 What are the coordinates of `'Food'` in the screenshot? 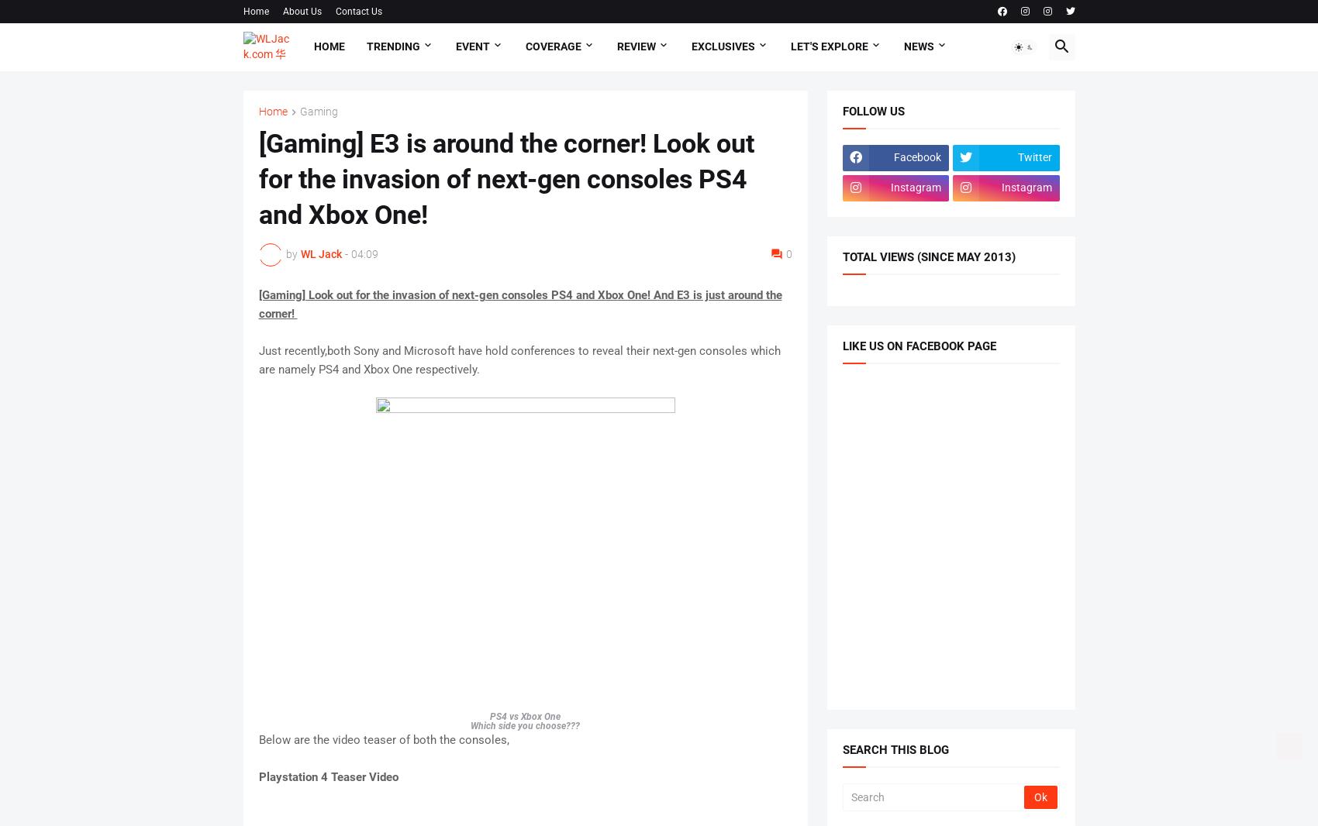 It's located at (270, 209).